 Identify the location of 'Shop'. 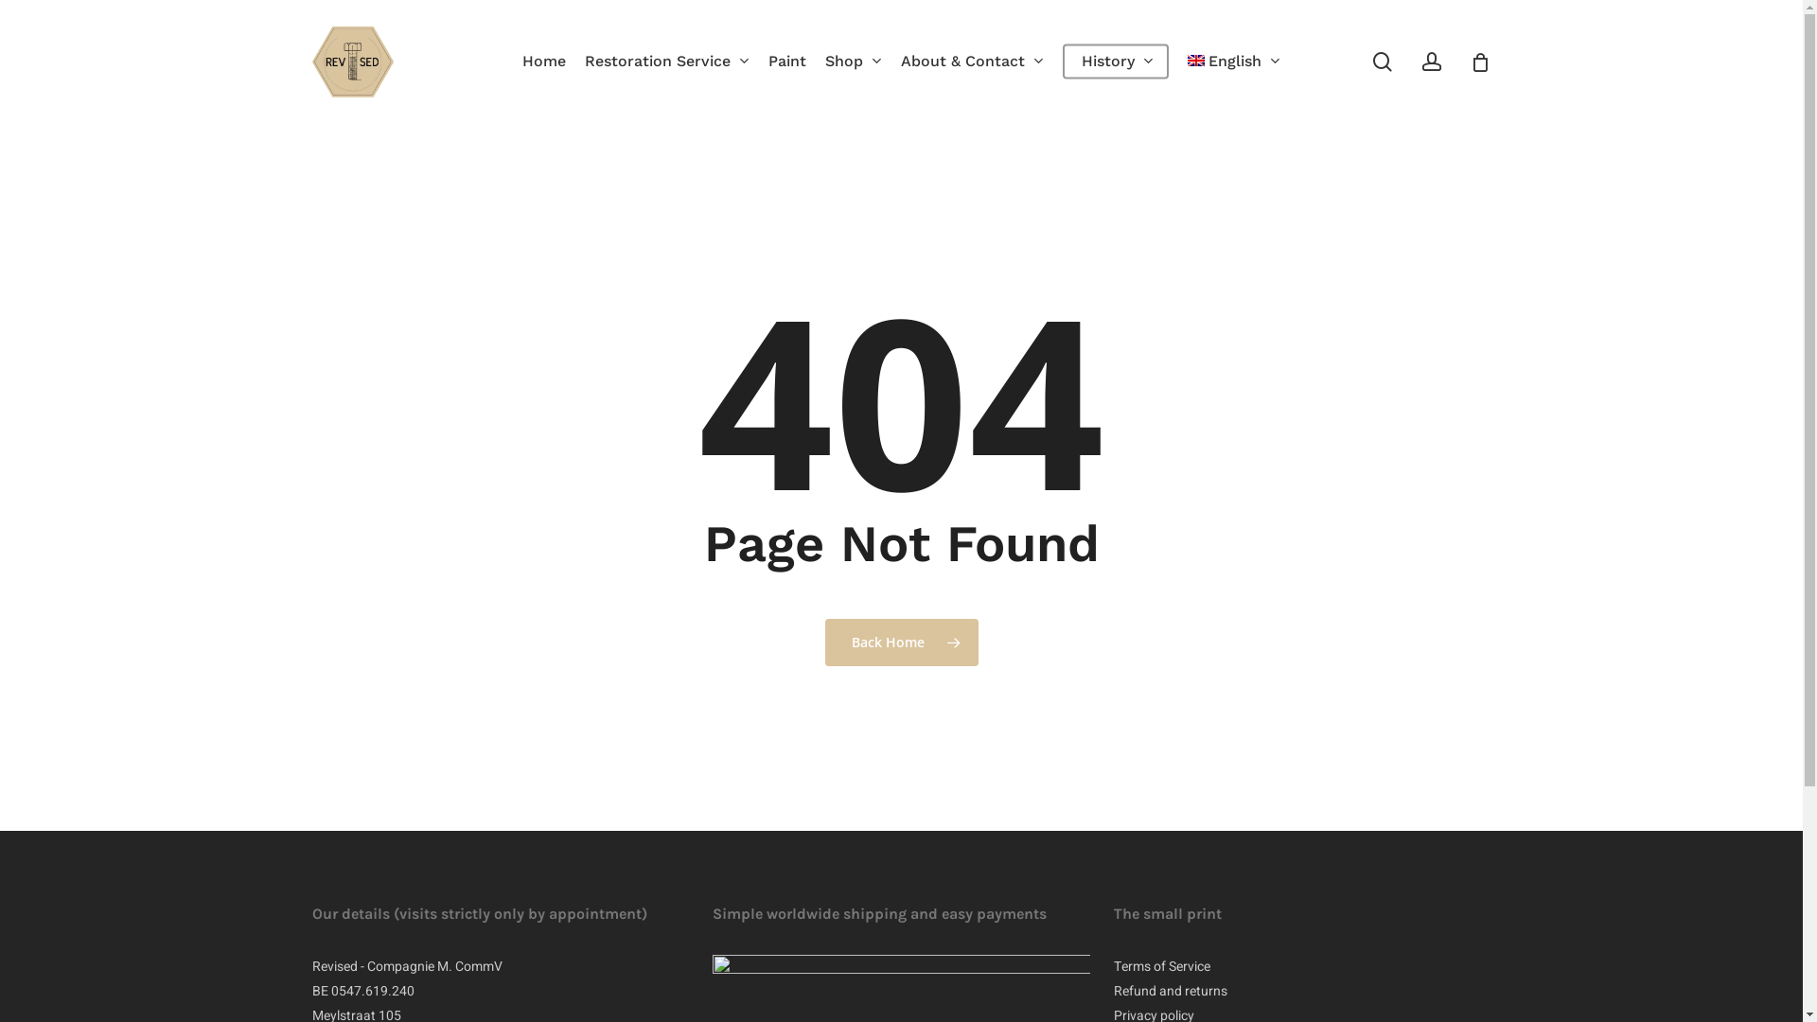
(853, 61).